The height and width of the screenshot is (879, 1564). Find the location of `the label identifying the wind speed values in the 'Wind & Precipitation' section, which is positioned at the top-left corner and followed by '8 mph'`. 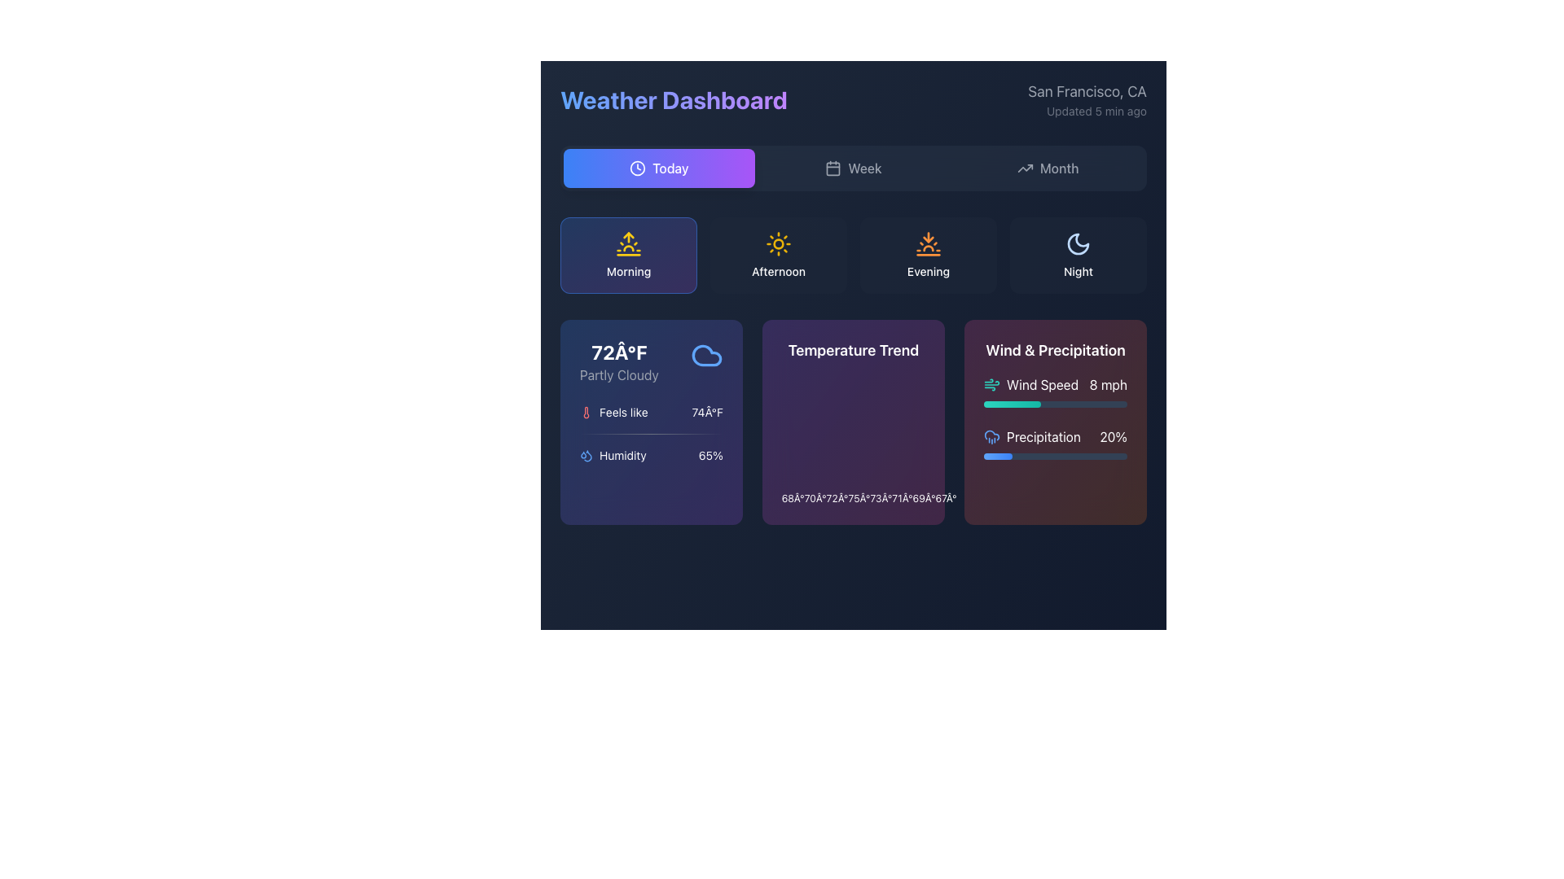

the label identifying the wind speed values in the 'Wind & Precipitation' section, which is positioned at the top-left corner and followed by '8 mph' is located at coordinates (1030, 385).